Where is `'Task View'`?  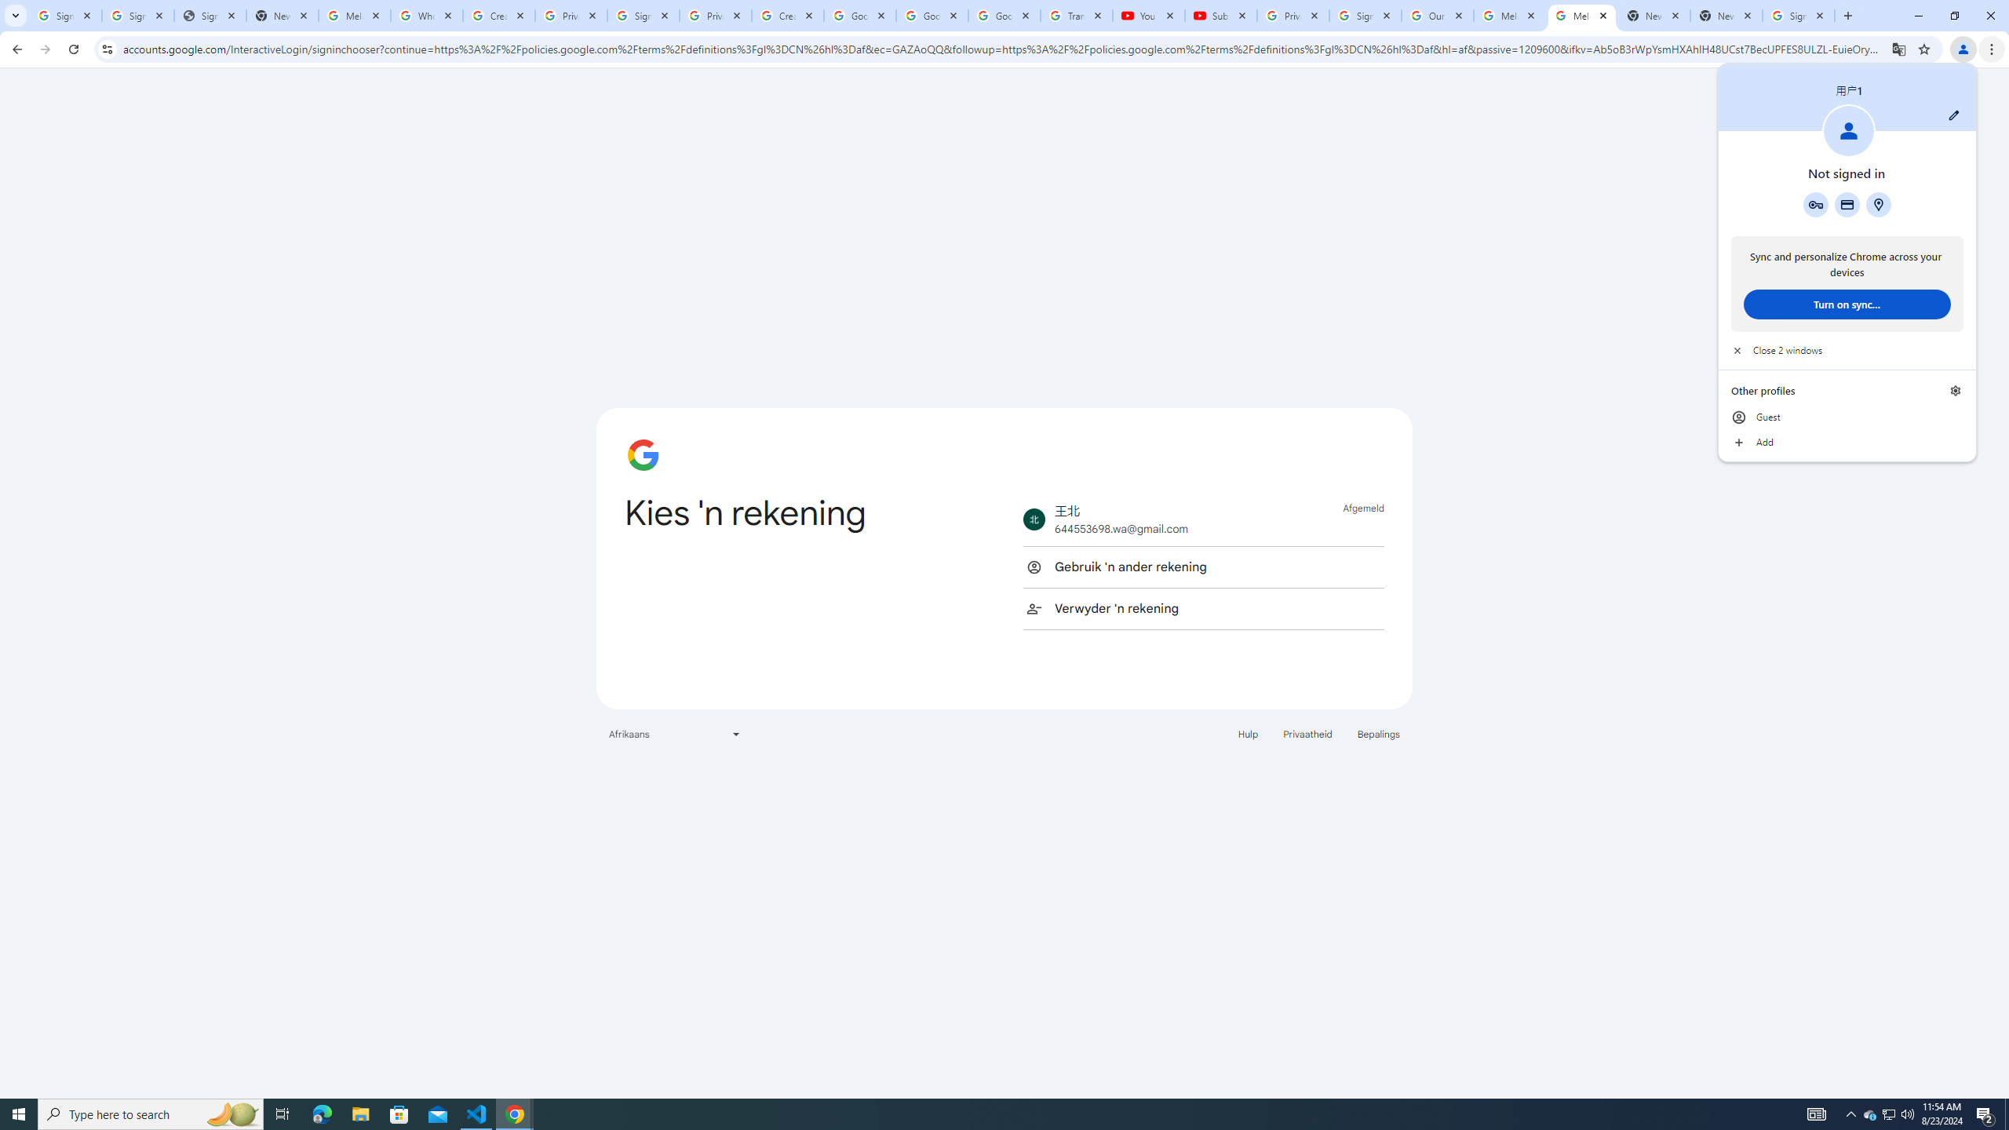
'Task View' is located at coordinates (281, 1113).